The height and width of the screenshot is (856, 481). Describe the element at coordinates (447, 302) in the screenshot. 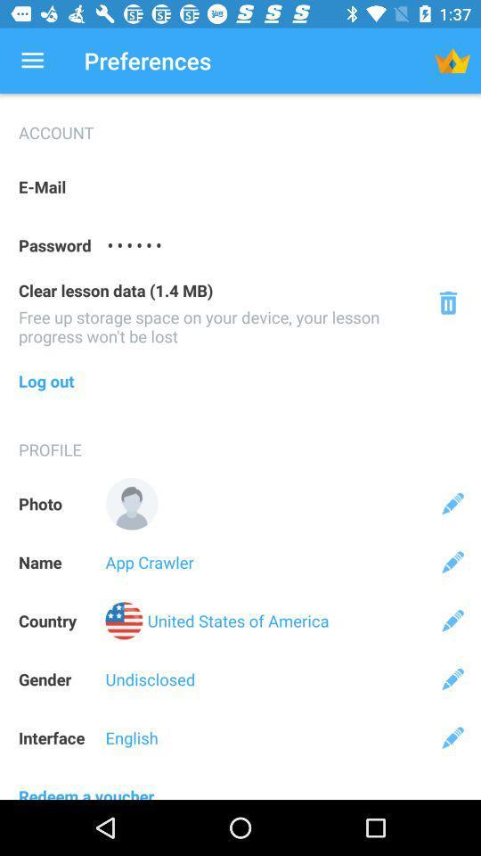

I see `item below ...... item` at that location.